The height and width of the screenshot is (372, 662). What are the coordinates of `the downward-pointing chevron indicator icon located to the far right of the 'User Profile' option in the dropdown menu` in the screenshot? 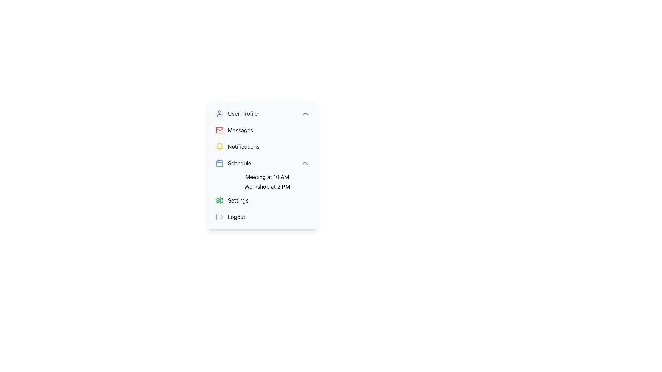 It's located at (304, 113).